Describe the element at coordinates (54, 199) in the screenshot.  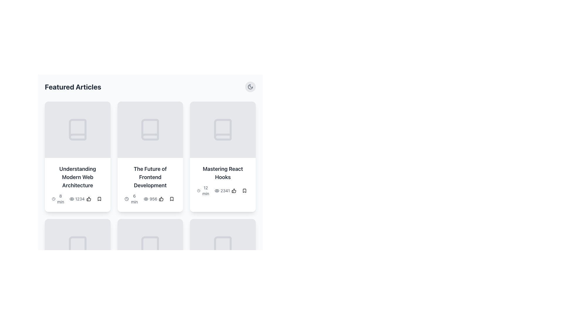
I see `the small clock icon located to the left of the text '8 min' in the lower left section of the card labeled 'Understanding Modern Web Architecture'` at that location.